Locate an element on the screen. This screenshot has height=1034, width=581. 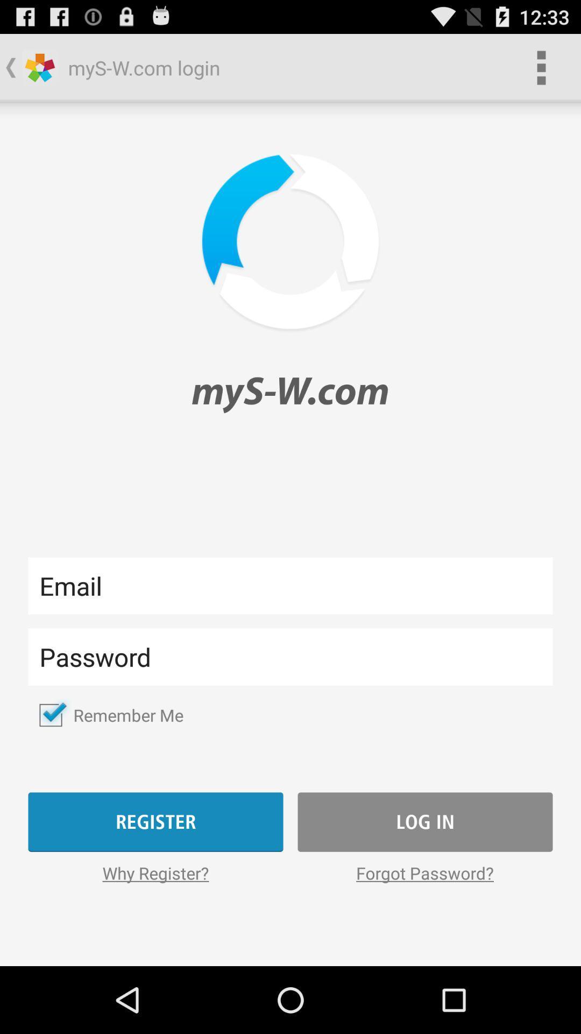
email address is located at coordinates (290, 585).